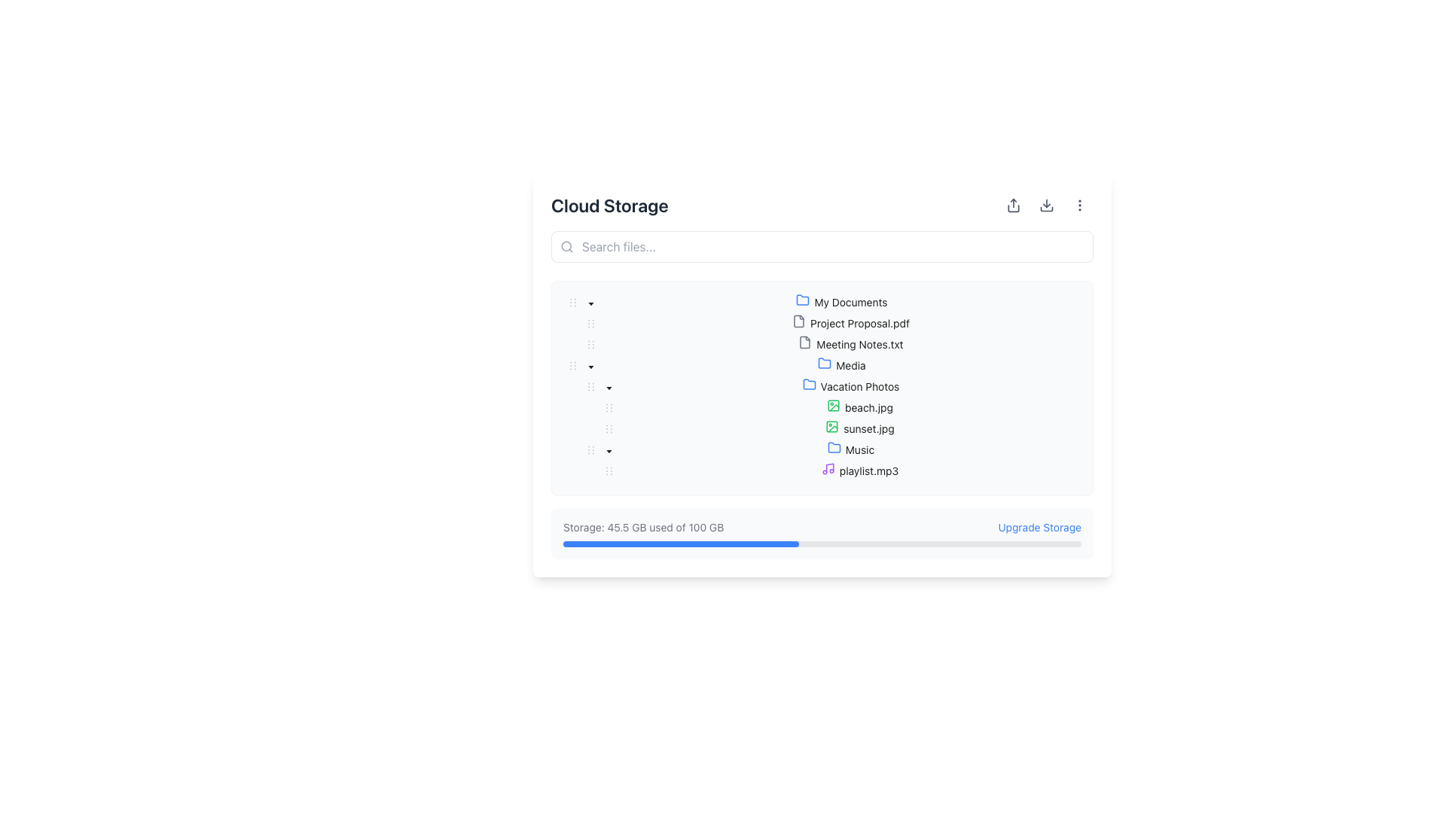 Image resolution: width=1446 pixels, height=813 pixels. What do you see at coordinates (860, 344) in the screenshot?
I see `the 'Meeting Notes.txt' text label element from its position in the file tree` at bounding box center [860, 344].